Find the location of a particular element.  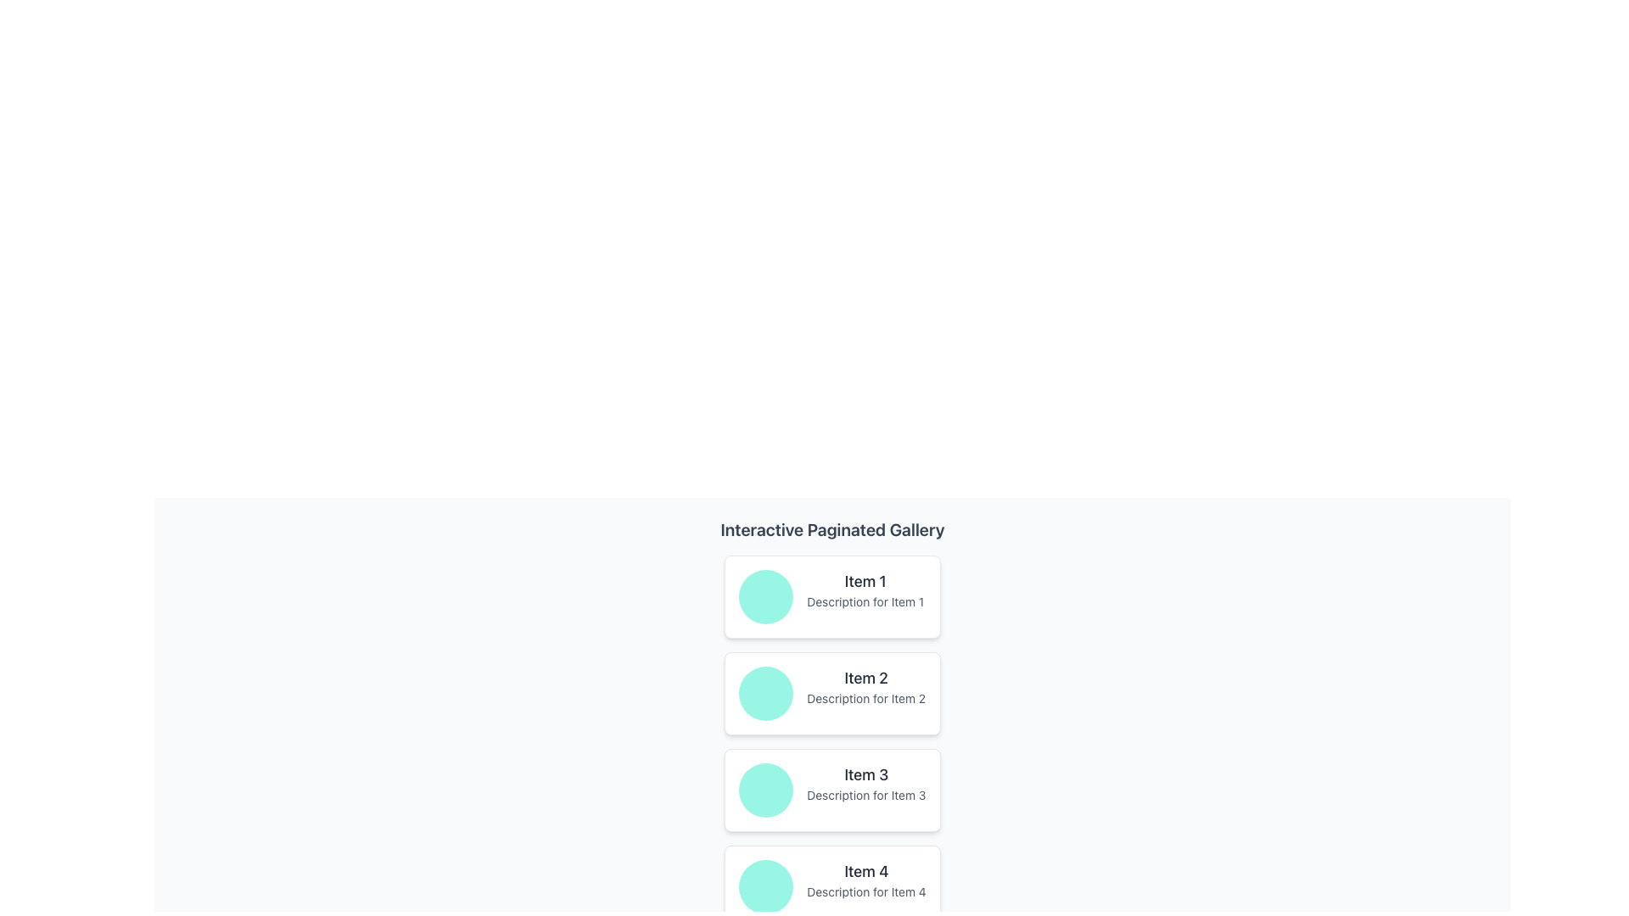

text content of the fourth item in the list-based gallery, which includes a title and description, located within a bordered, rounded, and shadowed rectangle card, next to a teal circular icon is located at coordinates (866, 879).